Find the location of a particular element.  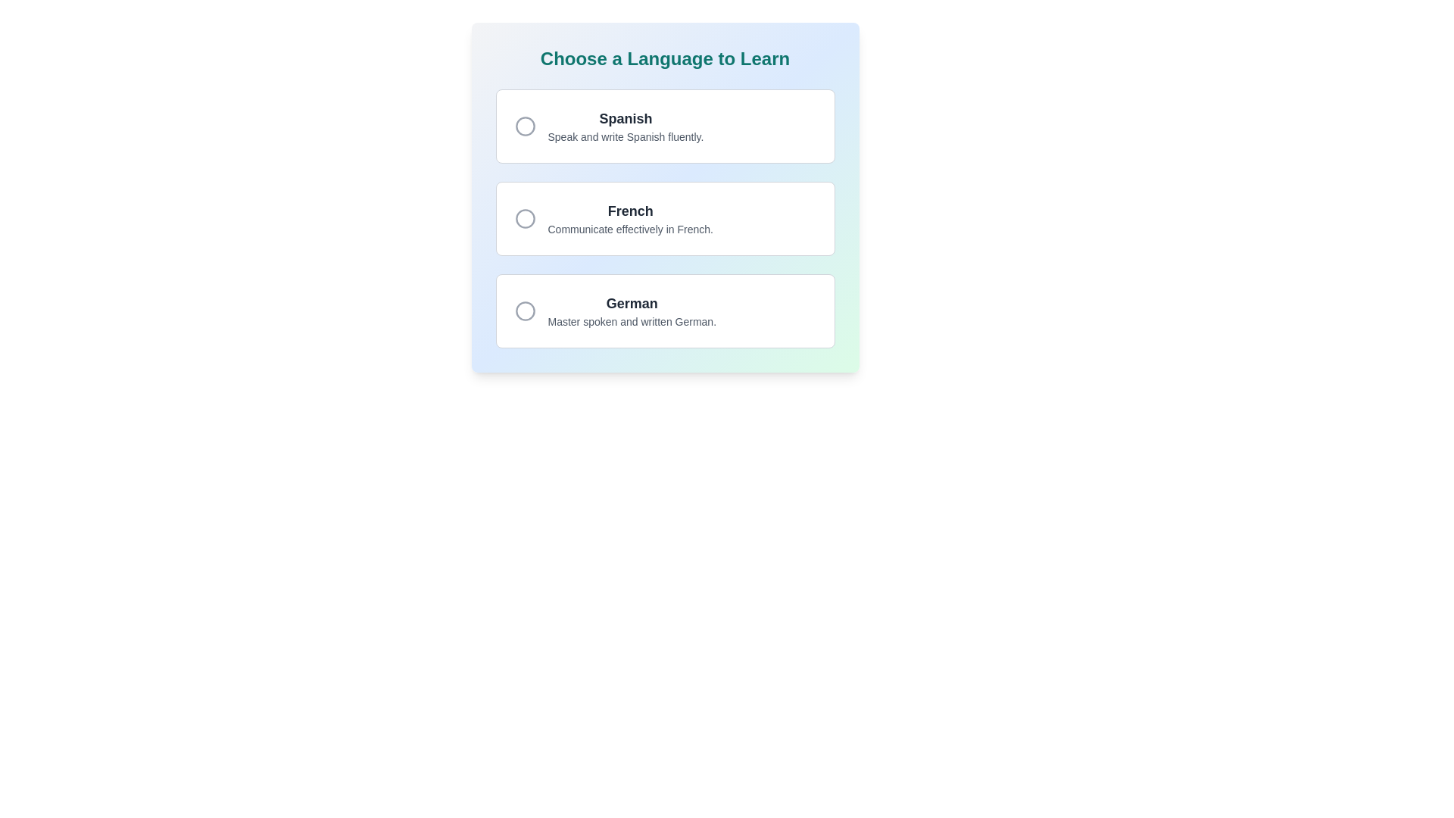

descriptive information text about the item 'French' located below the bold title within the selectable card is located at coordinates (630, 229).